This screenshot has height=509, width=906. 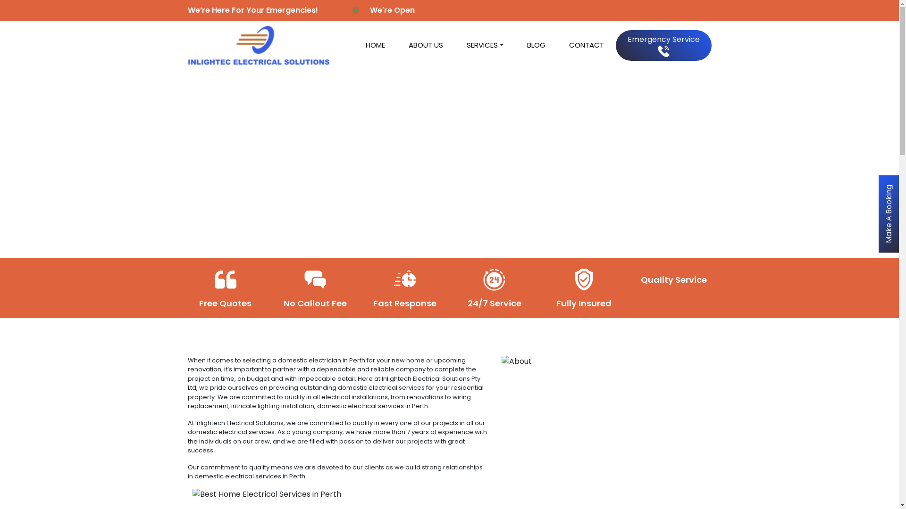 I want to click on 'HOME', so click(x=375, y=45).